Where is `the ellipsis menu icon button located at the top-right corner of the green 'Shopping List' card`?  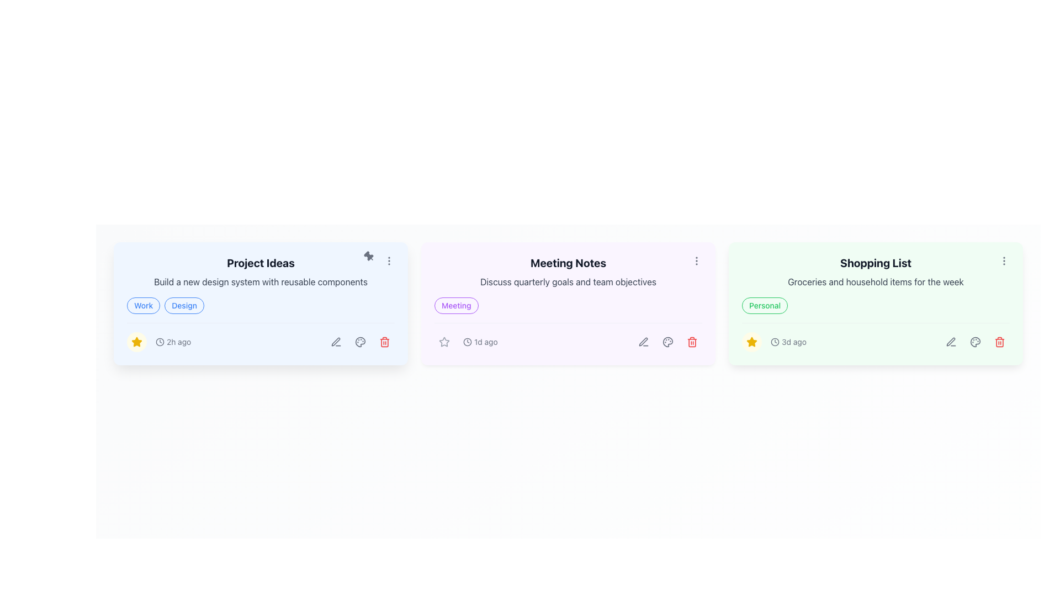
the ellipsis menu icon button located at the top-right corner of the green 'Shopping List' card is located at coordinates (1004, 261).